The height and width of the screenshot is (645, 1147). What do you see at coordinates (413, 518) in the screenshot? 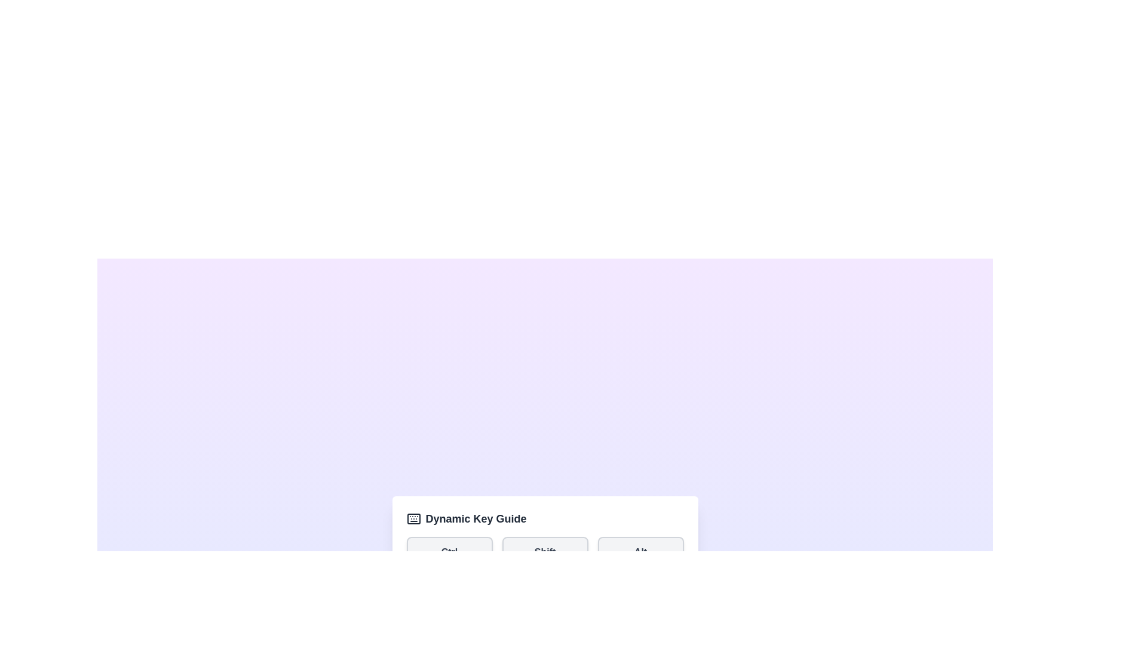
I see `the rounded rectangle iconographic element within the SVG graphic component, which is part of the 'Dynamic Key Guide' section` at bounding box center [413, 518].